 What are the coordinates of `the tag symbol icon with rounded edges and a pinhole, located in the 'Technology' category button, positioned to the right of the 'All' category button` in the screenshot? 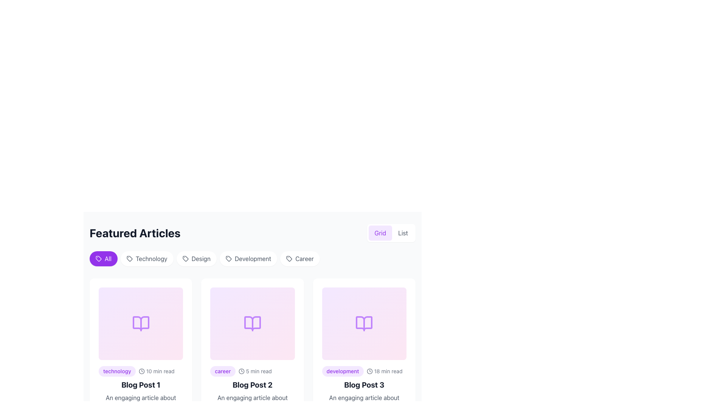 It's located at (129, 258).